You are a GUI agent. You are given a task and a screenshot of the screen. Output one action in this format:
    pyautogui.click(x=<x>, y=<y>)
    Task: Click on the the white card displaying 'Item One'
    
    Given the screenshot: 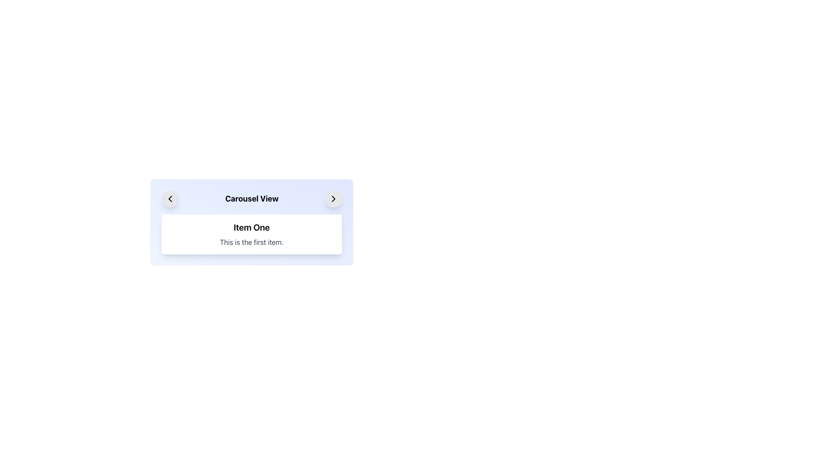 What is the action you would take?
    pyautogui.click(x=252, y=222)
    